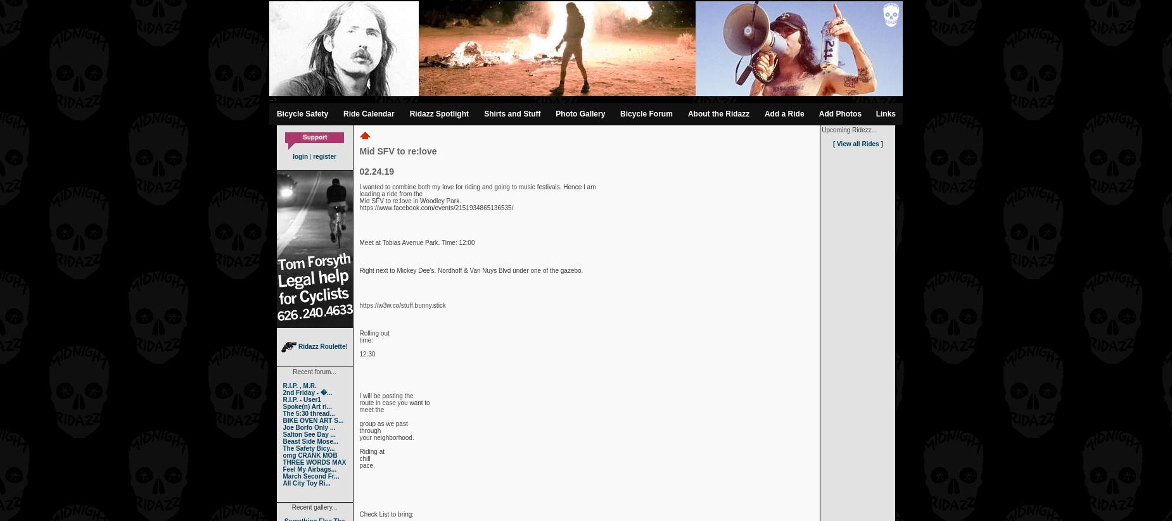 This screenshot has width=1172, height=521. Describe the element at coordinates (471, 270) in the screenshot. I see `'Right next to Mickey Dee's. Nordhoff & Van Nuys Blvd under one of the gazebo.'` at that location.